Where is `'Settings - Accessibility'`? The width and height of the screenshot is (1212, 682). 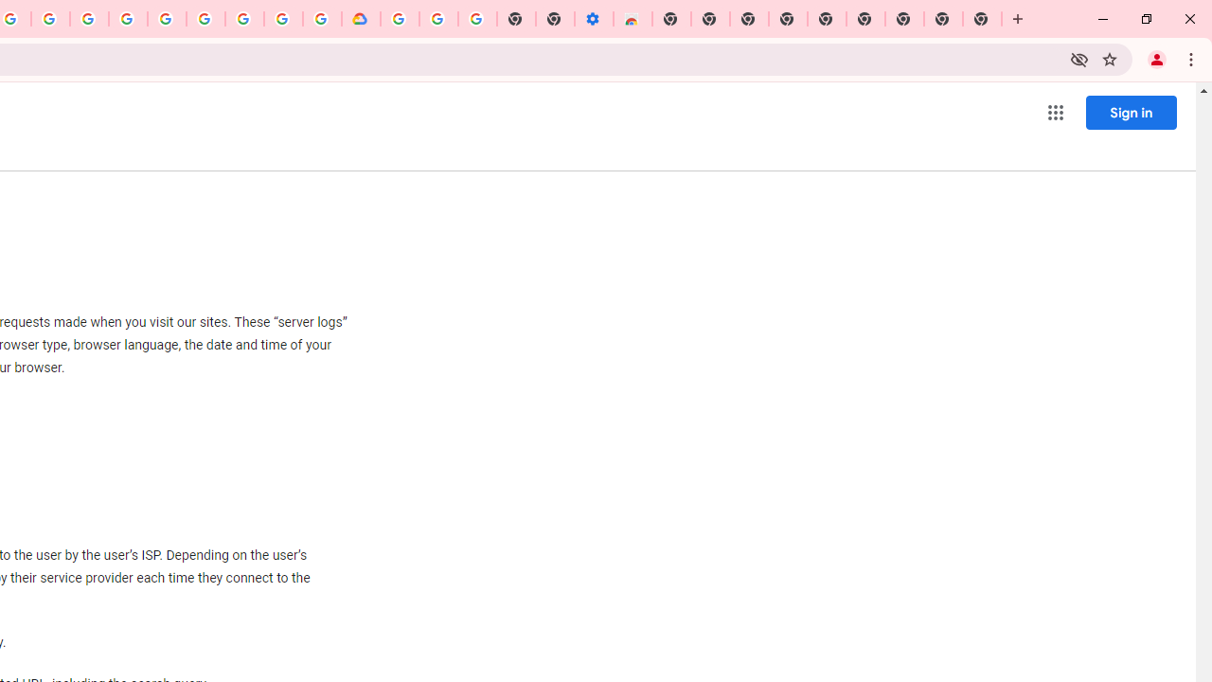 'Settings - Accessibility' is located at coordinates (593, 19).